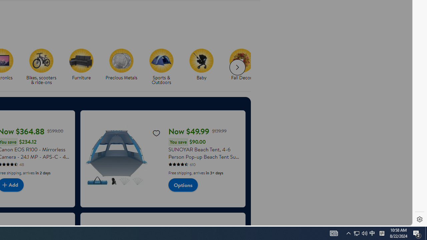 The height and width of the screenshot is (240, 427). I want to click on 'Sports & Outdoors Sports & Outdoors', so click(161, 67).